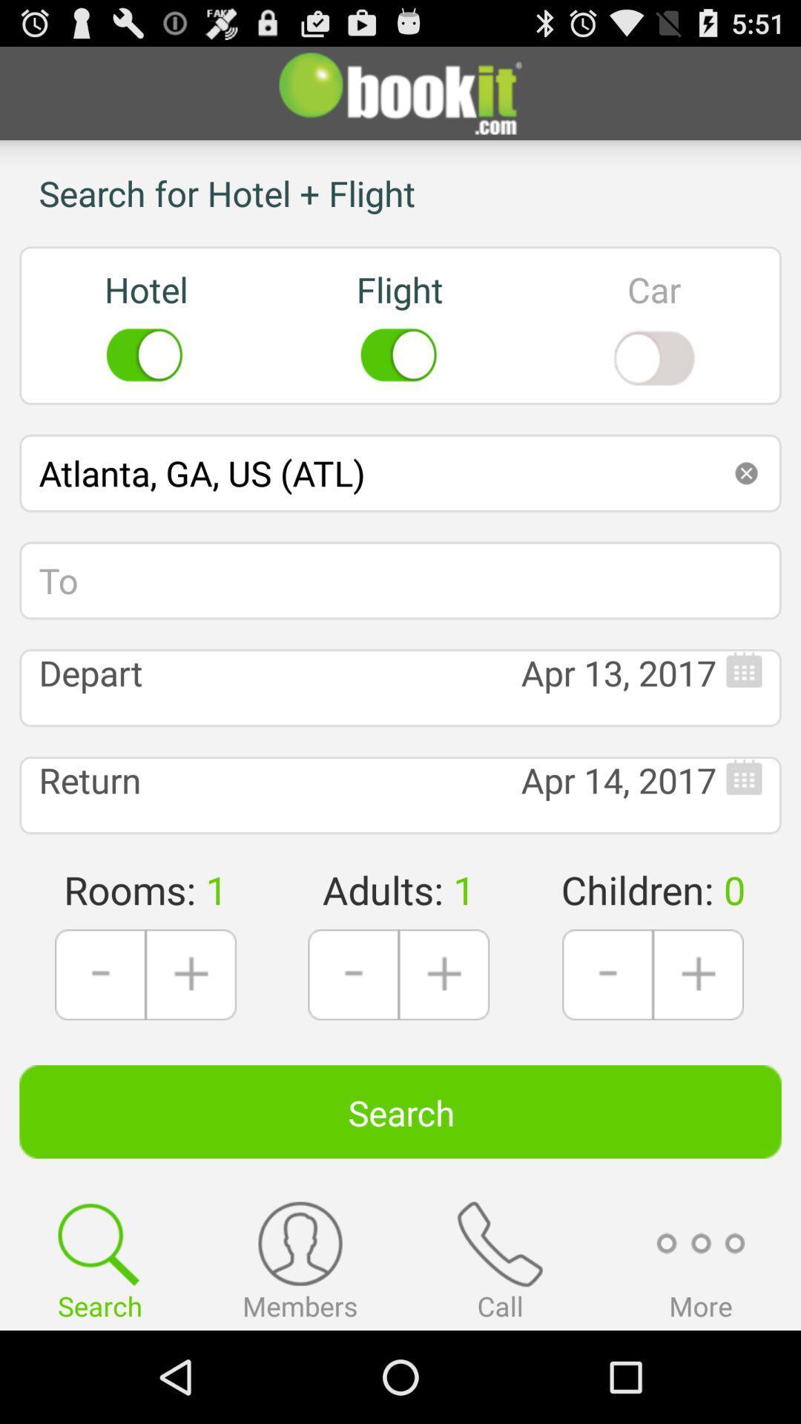  Describe the element at coordinates (400, 92) in the screenshot. I see `the icon above search for hotel app` at that location.